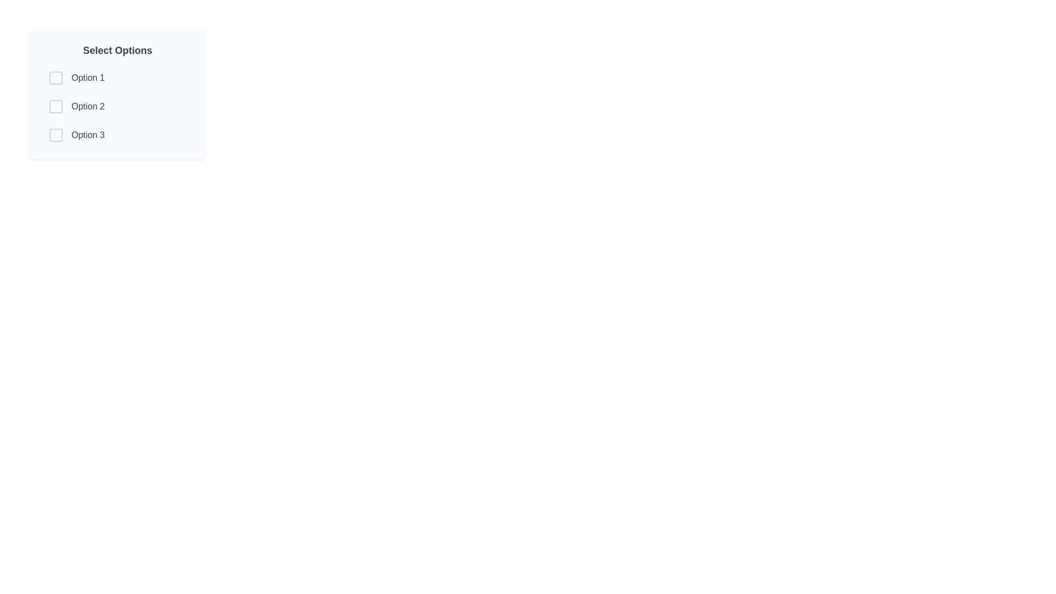 Image resolution: width=1056 pixels, height=594 pixels. I want to click on the checkbox located to the left of the text label 'Option 2', so click(55, 106).